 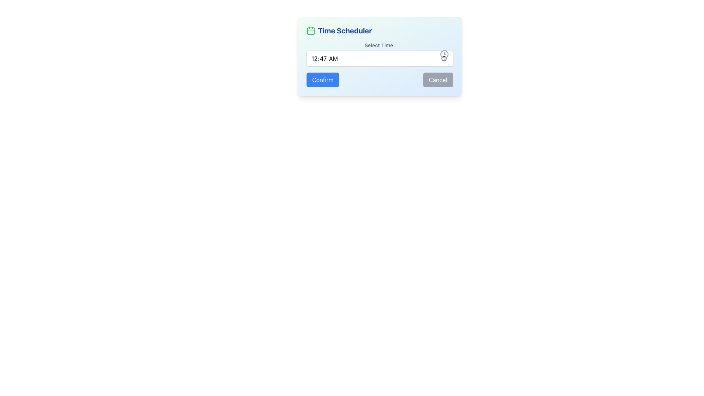 What do you see at coordinates (311, 30) in the screenshot?
I see `the decorative calendar icon with a green border located to the left of the 'Time Scheduler' text` at bounding box center [311, 30].